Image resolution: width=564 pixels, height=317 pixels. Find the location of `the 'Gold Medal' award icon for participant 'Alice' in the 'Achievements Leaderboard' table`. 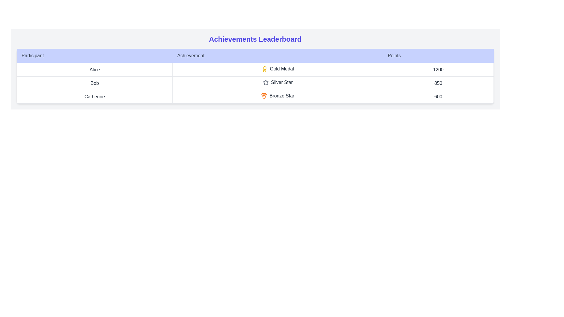

the 'Gold Medal' award icon for participant 'Alice' in the 'Achievements Leaderboard' table is located at coordinates (264, 69).